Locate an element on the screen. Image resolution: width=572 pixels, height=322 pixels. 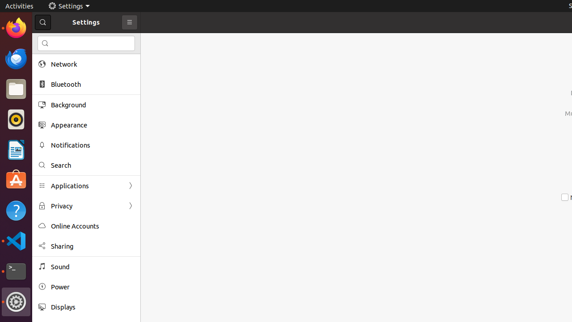
'Appearance' is located at coordinates (92, 125).